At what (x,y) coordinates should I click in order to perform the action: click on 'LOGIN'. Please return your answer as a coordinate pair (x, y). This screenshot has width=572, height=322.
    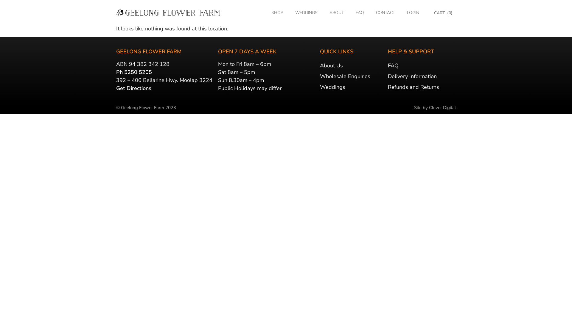
    Looking at the image, I should click on (413, 13).